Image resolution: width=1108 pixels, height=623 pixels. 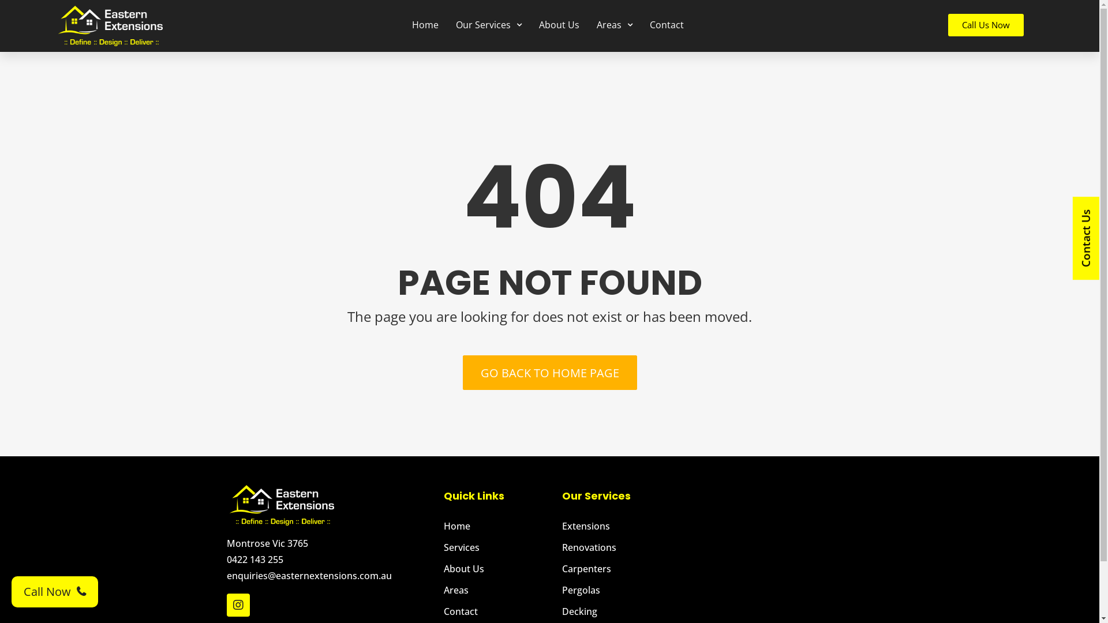 What do you see at coordinates (488, 24) in the screenshot?
I see `'Our Services'` at bounding box center [488, 24].